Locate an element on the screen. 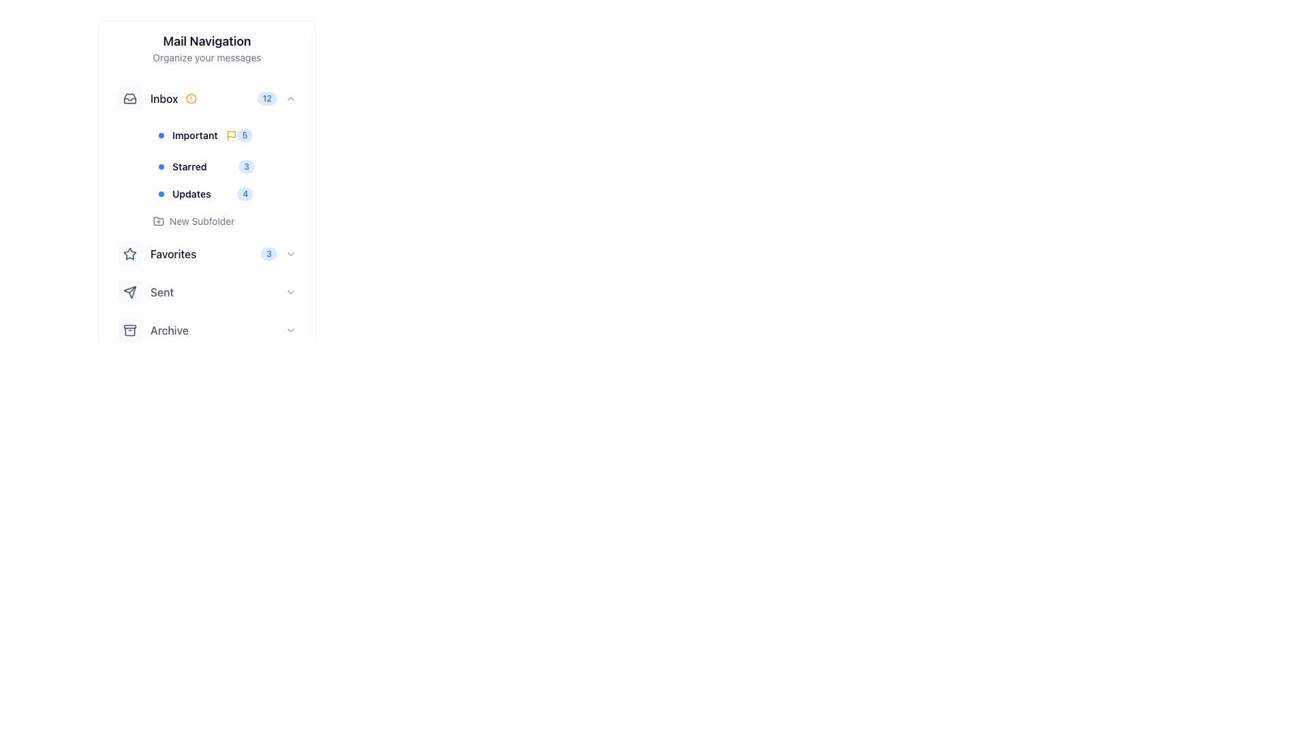  the 'Updates' text label located in the navigation panel on the left side, which is styled with a bold font and is the third item under the 'Inbox' section is located at coordinates (184, 194).